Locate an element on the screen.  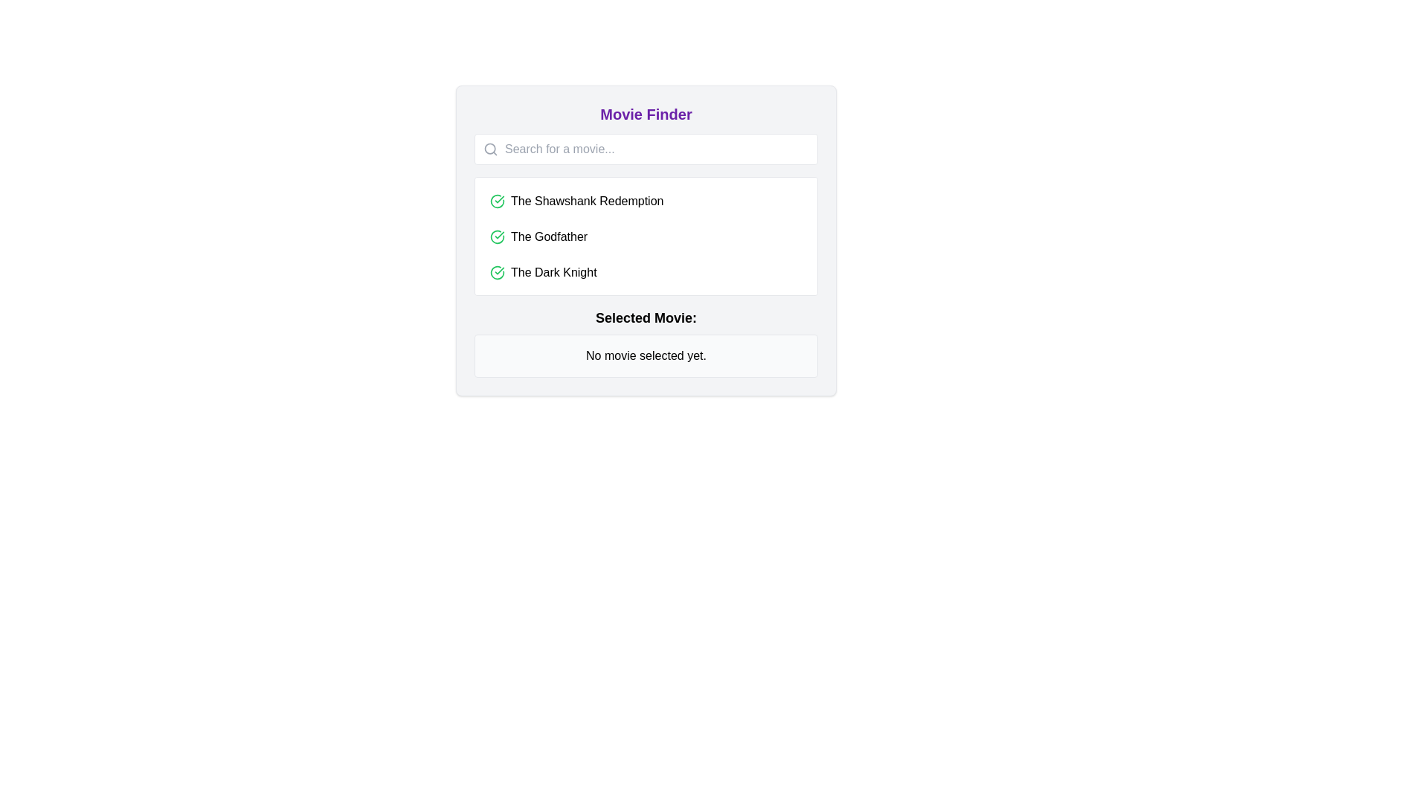
the selection icon for 'The Shawshank Redemption', which visually indicates that the movie has been marked as chosen, to interact with the list item is located at coordinates (497, 201).